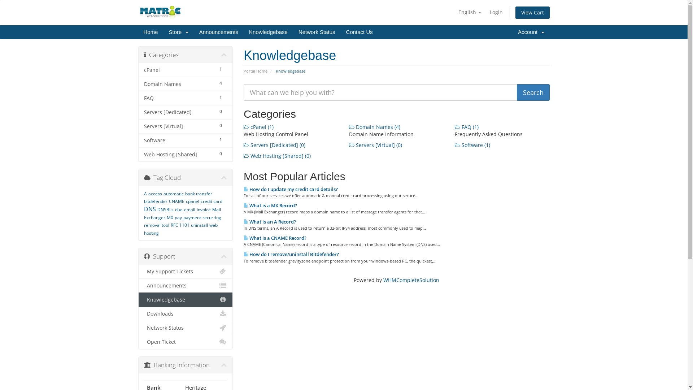 This screenshot has width=693, height=390. What do you see at coordinates (178, 209) in the screenshot?
I see `'due'` at bounding box center [178, 209].